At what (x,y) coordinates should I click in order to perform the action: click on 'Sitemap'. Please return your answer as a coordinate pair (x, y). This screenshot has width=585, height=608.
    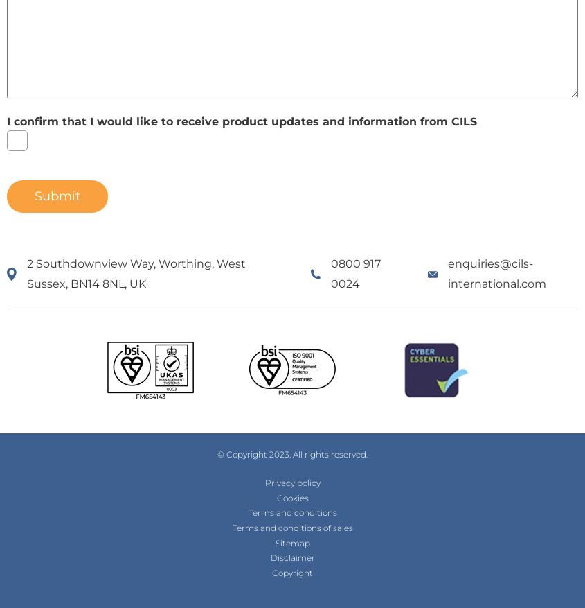
    Looking at the image, I should click on (291, 541).